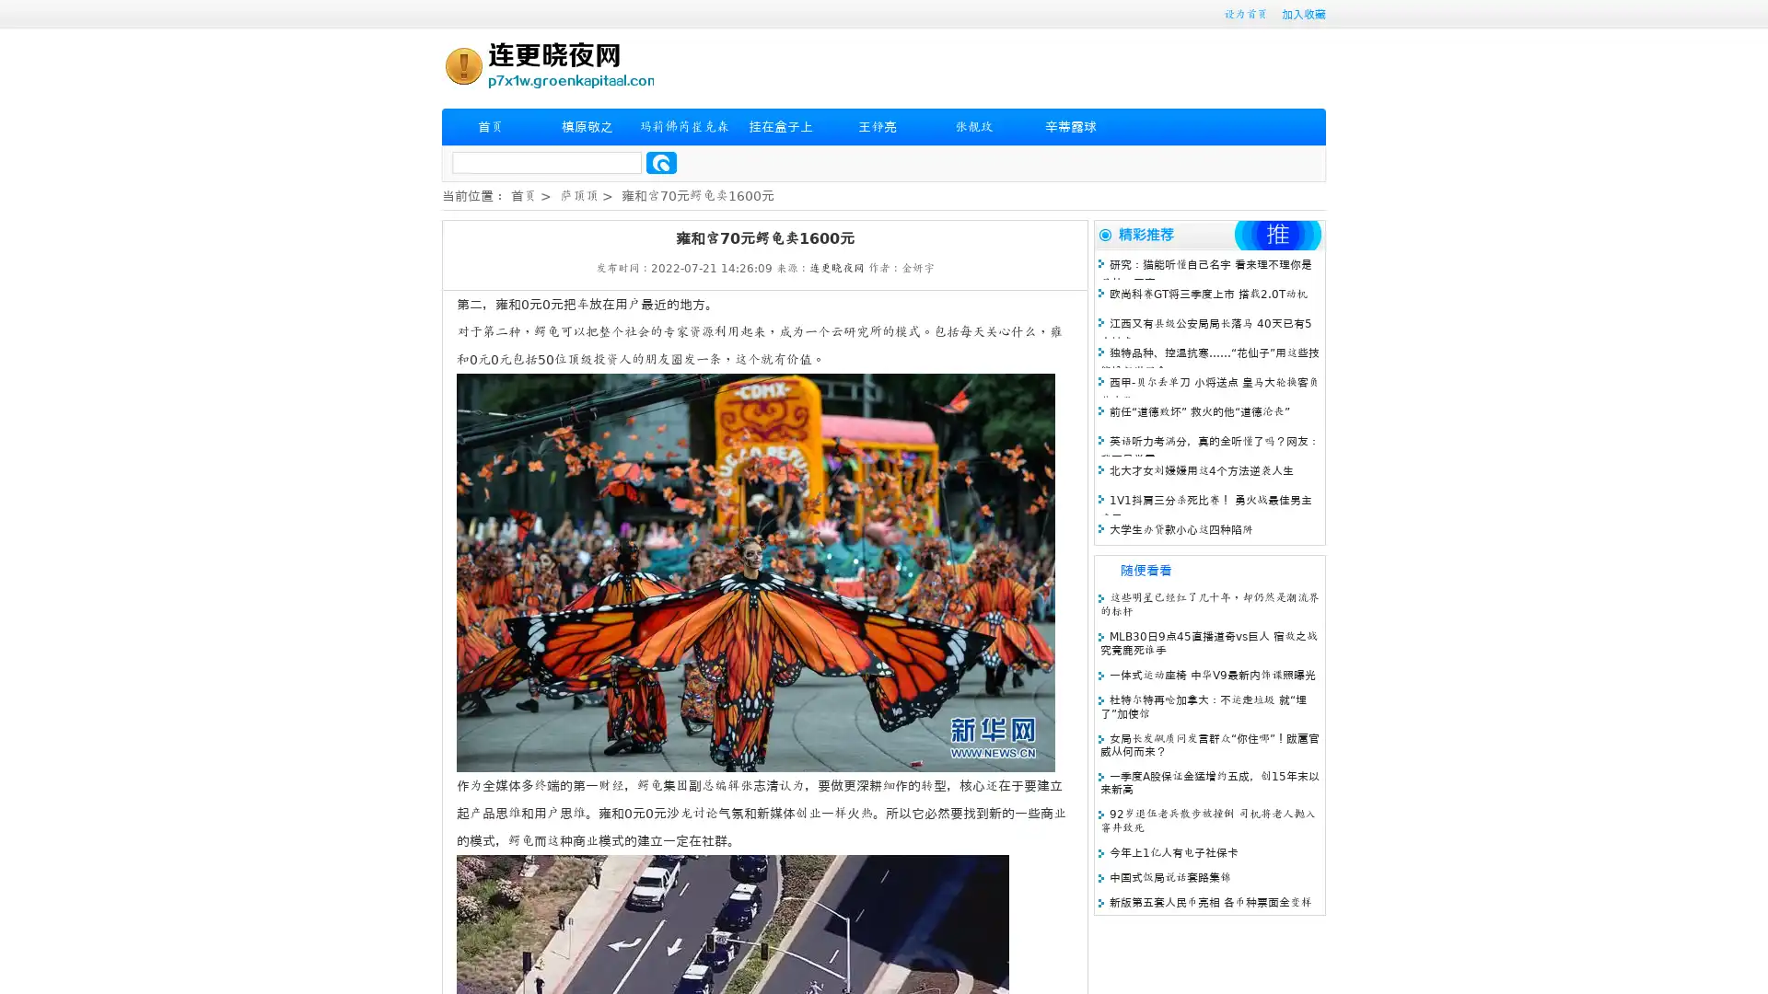 The width and height of the screenshot is (1768, 994). Describe the element at coordinates (661, 162) in the screenshot. I see `Search` at that location.